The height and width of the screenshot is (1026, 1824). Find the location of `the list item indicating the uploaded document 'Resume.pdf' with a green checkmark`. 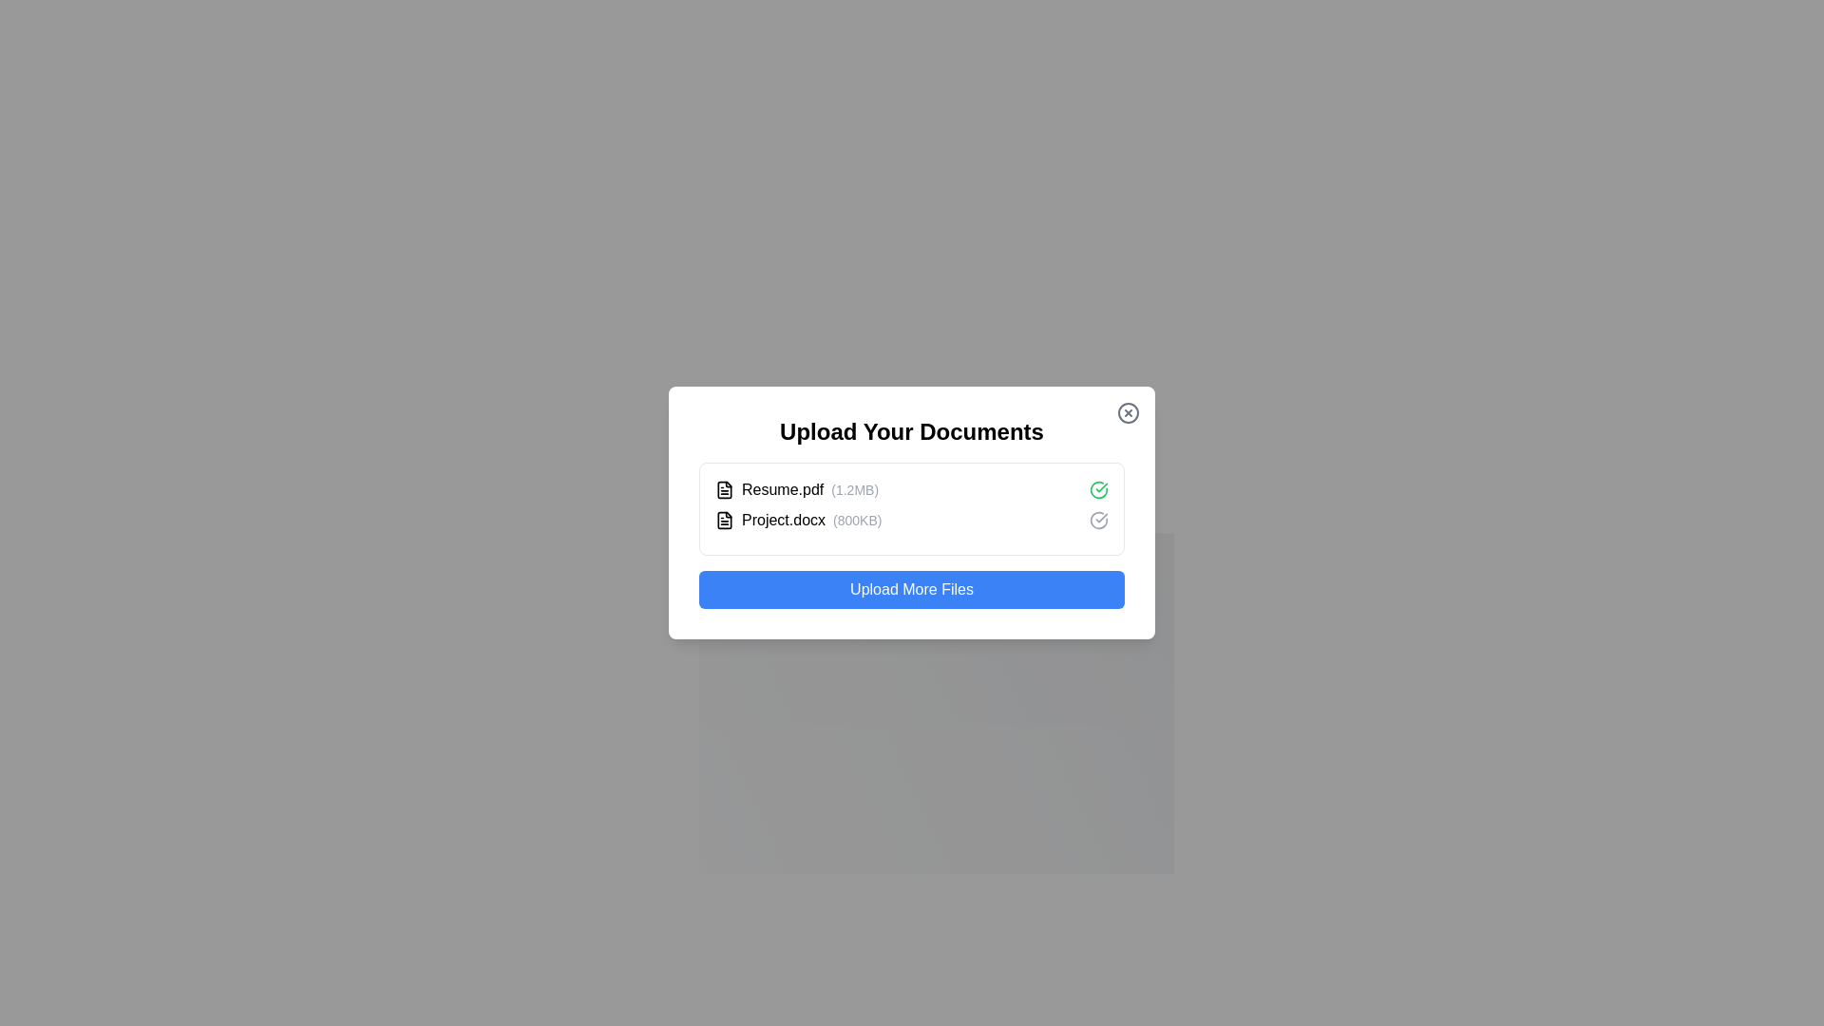

the list item indicating the uploaded document 'Resume.pdf' with a green checkmark is located at coordinates (912, 489).